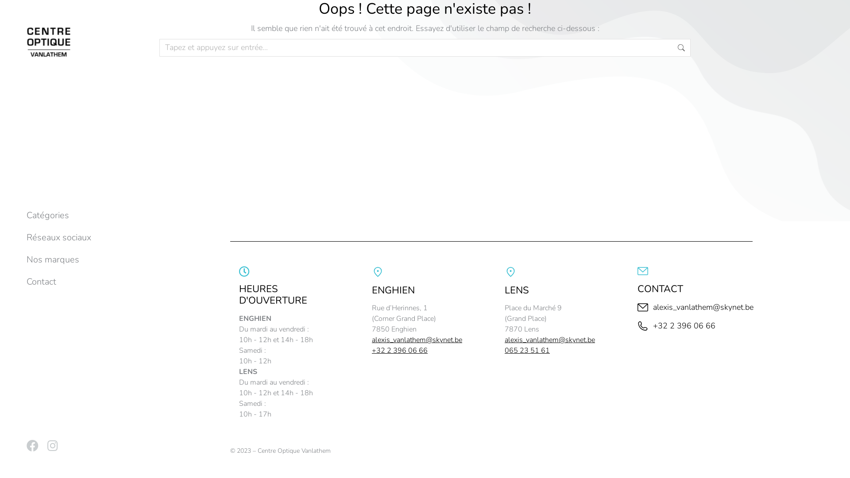 The height and width of the screenshot is (478, 850). I want to click on 'ENGHIEN', so click(372, 290).